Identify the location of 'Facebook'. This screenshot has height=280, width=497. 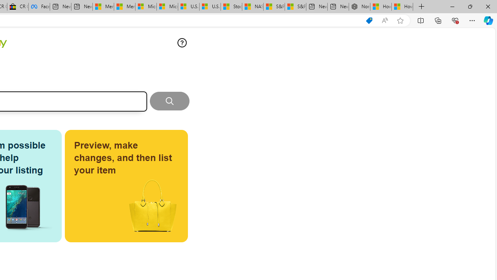
(39, 7).